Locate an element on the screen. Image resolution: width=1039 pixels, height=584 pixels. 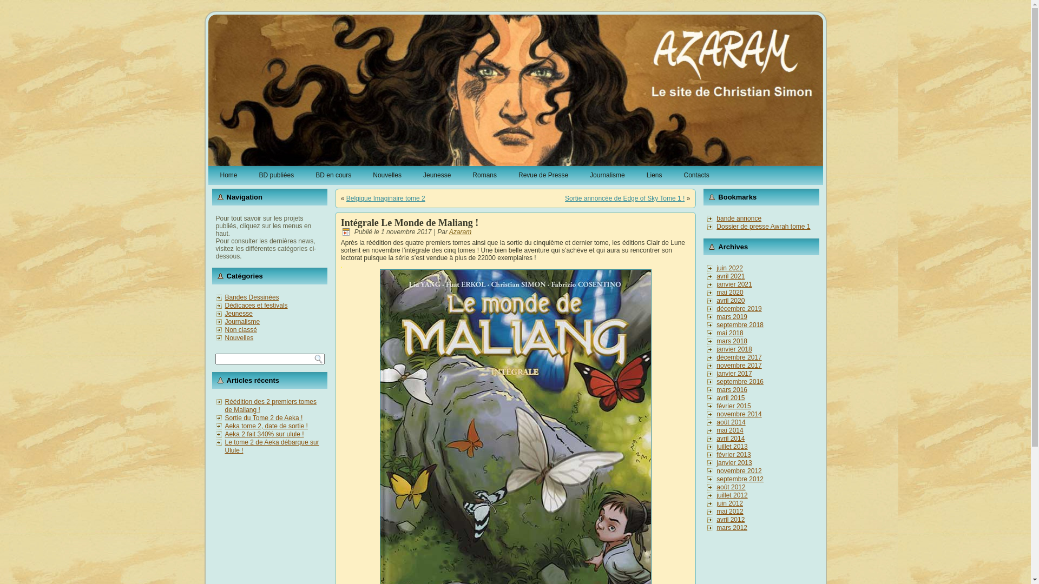
'bande annonce' is located at coordinates (738, 218).